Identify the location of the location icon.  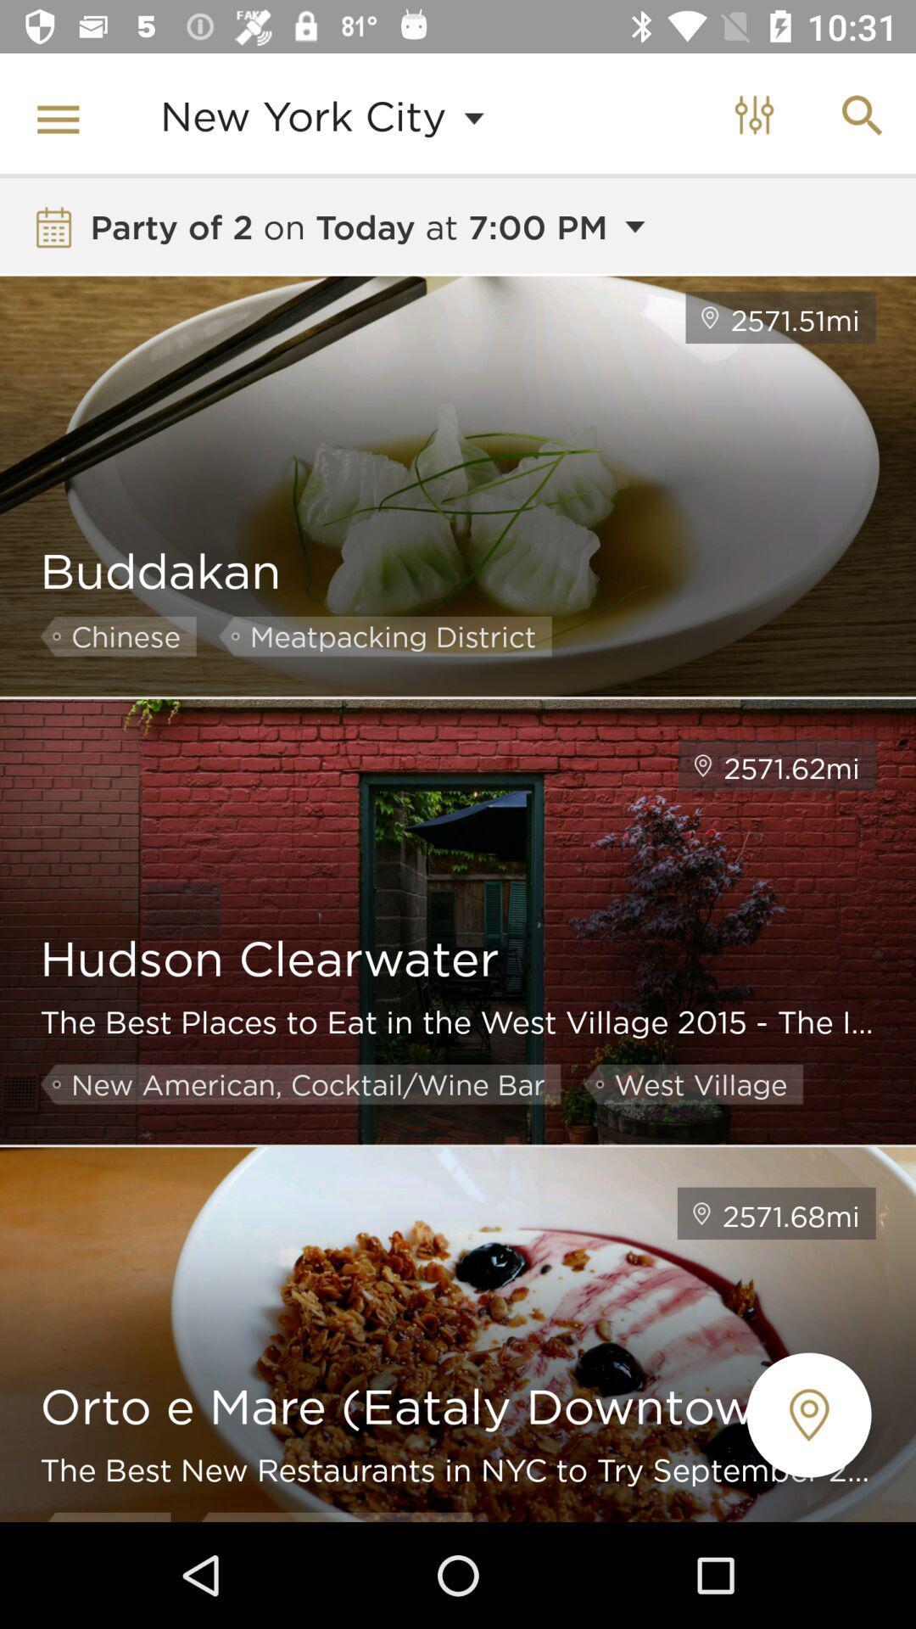
(807, 1414).